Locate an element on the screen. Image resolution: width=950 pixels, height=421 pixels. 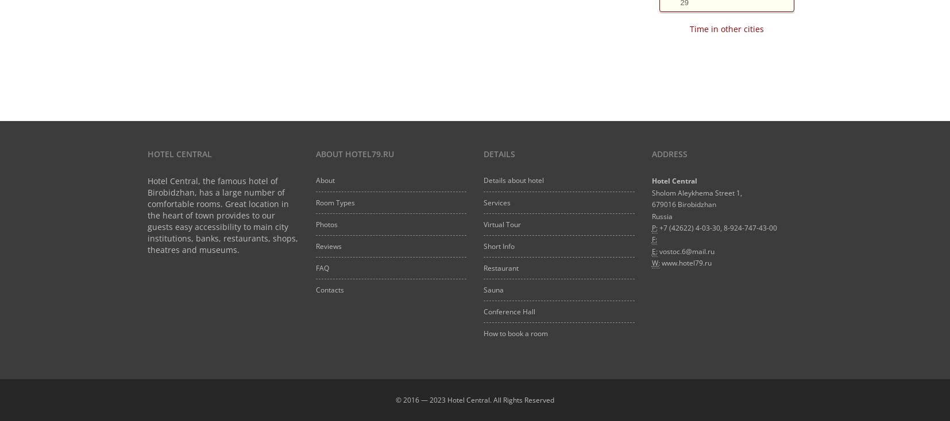
'Sauna' is located at coordinates (493, 289).